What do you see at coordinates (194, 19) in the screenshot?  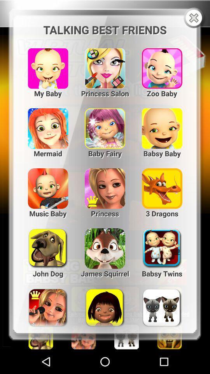 I see `the close icon` at bounding box center [194, 19].